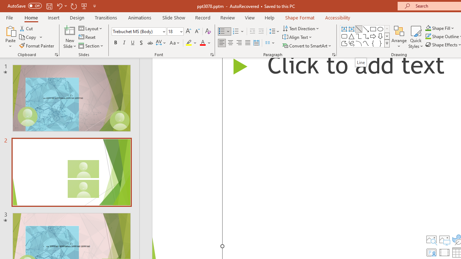 The width and height of the screenshot is (461, 259). What do you see at coordinates (274, 31) in the screenshot?
I see `'Line Spacing'` at bounding box center [274, 31].